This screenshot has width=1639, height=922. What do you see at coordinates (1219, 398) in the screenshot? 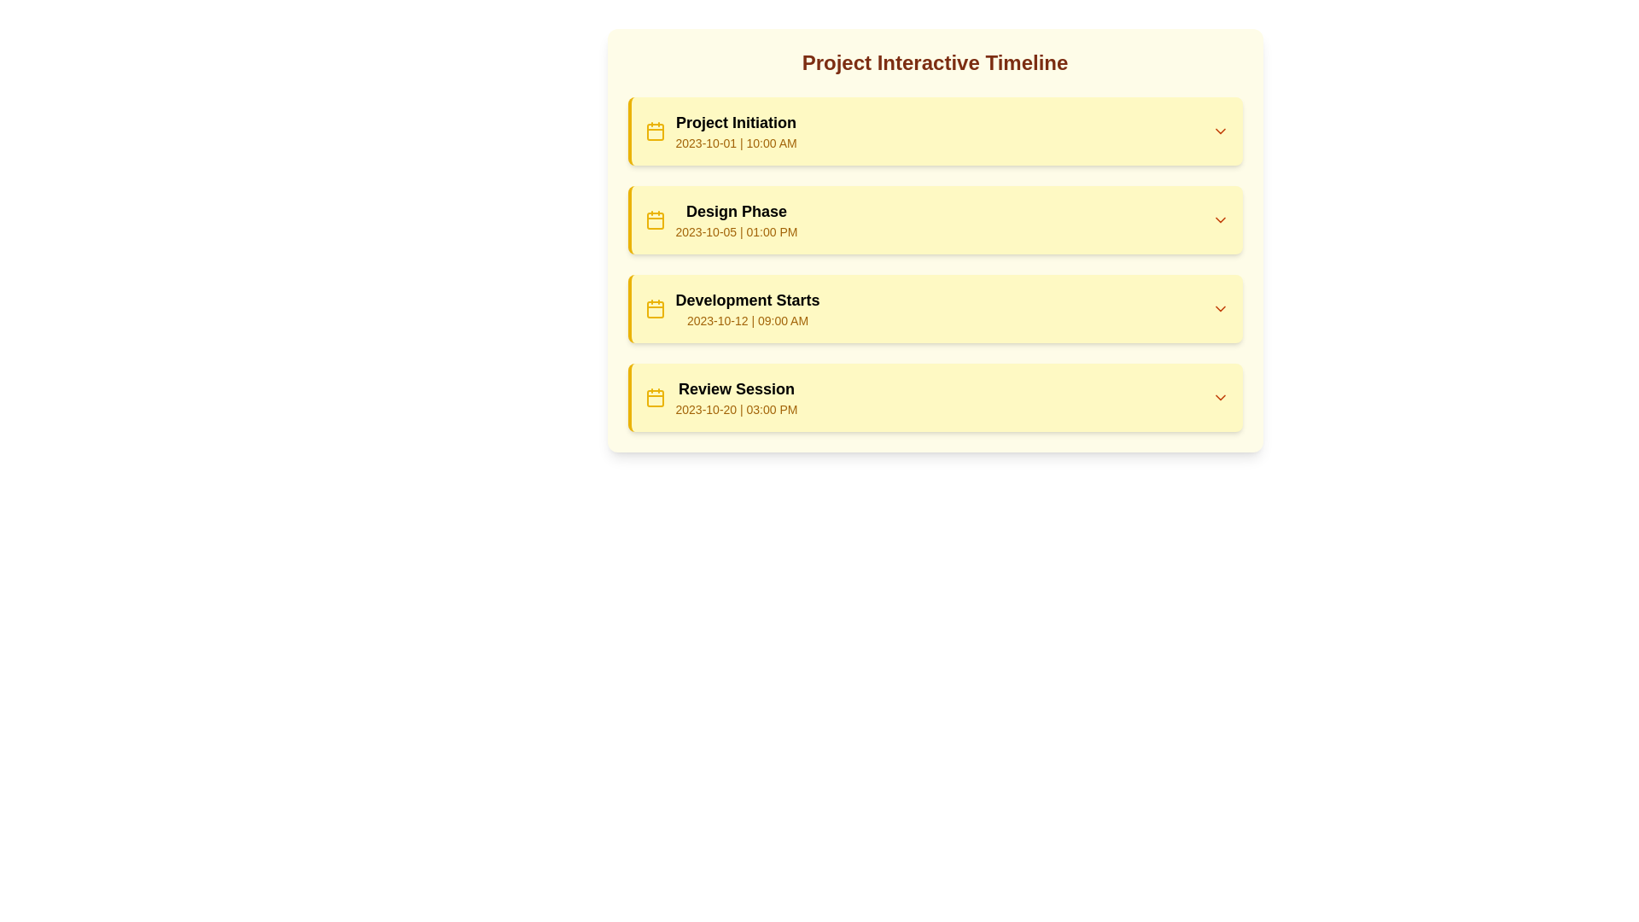
I see `the Dropdown toggle button located at the rightmost side of the 'Review Session' section to potentially trigger UI feedback` at bounding box center [1219, 398].